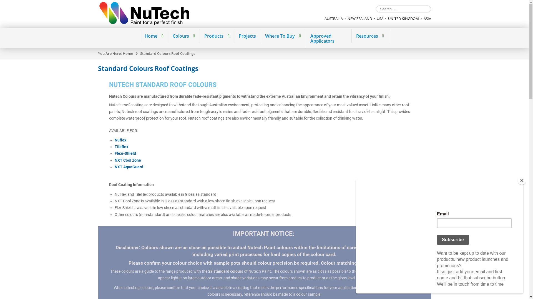 This screenshot has width=533, height=299. I want to click on 'Tileflex', so click(121, 146).